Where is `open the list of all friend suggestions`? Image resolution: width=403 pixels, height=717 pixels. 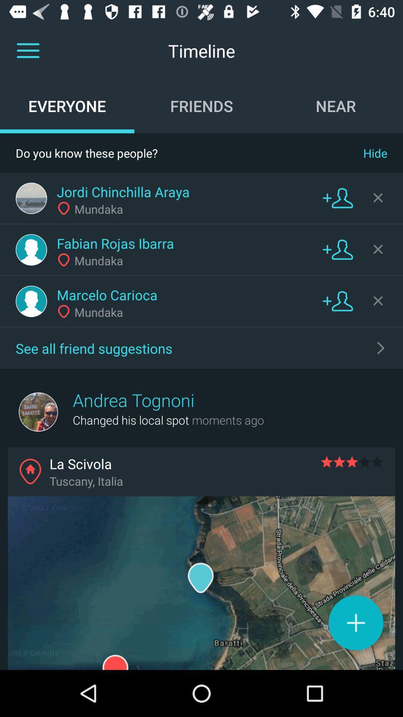 open the list of all friend suggestions is located at coordinates (381, 347).